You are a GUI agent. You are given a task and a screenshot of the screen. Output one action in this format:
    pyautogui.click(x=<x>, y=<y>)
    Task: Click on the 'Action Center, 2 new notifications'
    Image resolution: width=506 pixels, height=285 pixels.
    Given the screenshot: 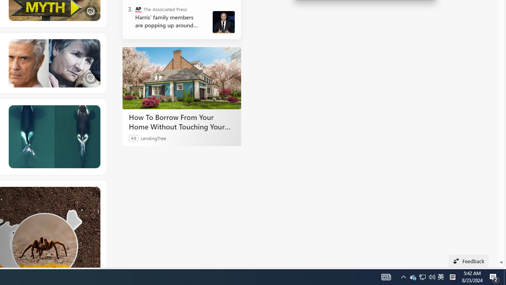 What is the action you would take?
    pyautogui.click(x=504, y=276)
    